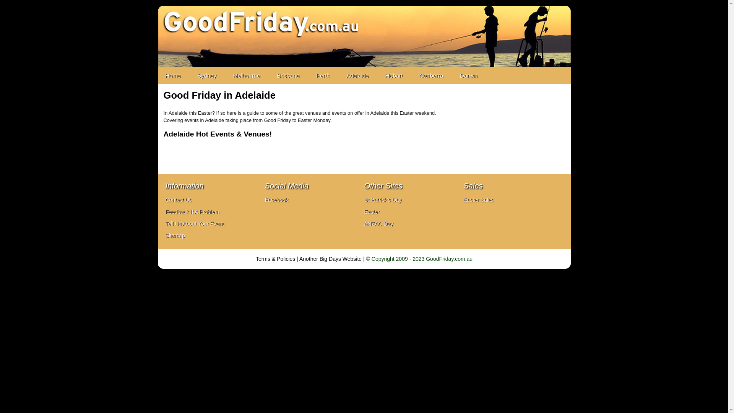 The width and height of the screenshot is (734, 413). I want to click on 'Easter', so click(372, 212).